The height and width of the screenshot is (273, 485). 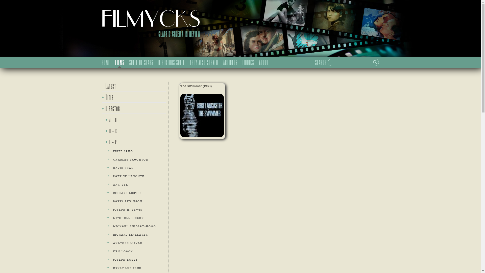 I want to click on 'FILMYCKS, so click(x=150, y=28).